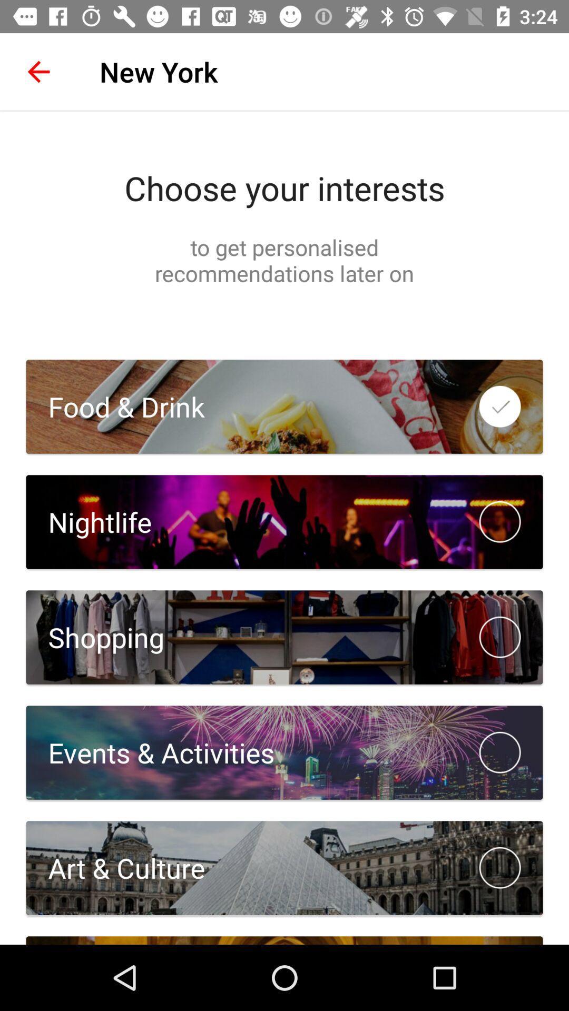 The image size is (569, 1011). I want to click on to get personalised icon, so click(284, 260).